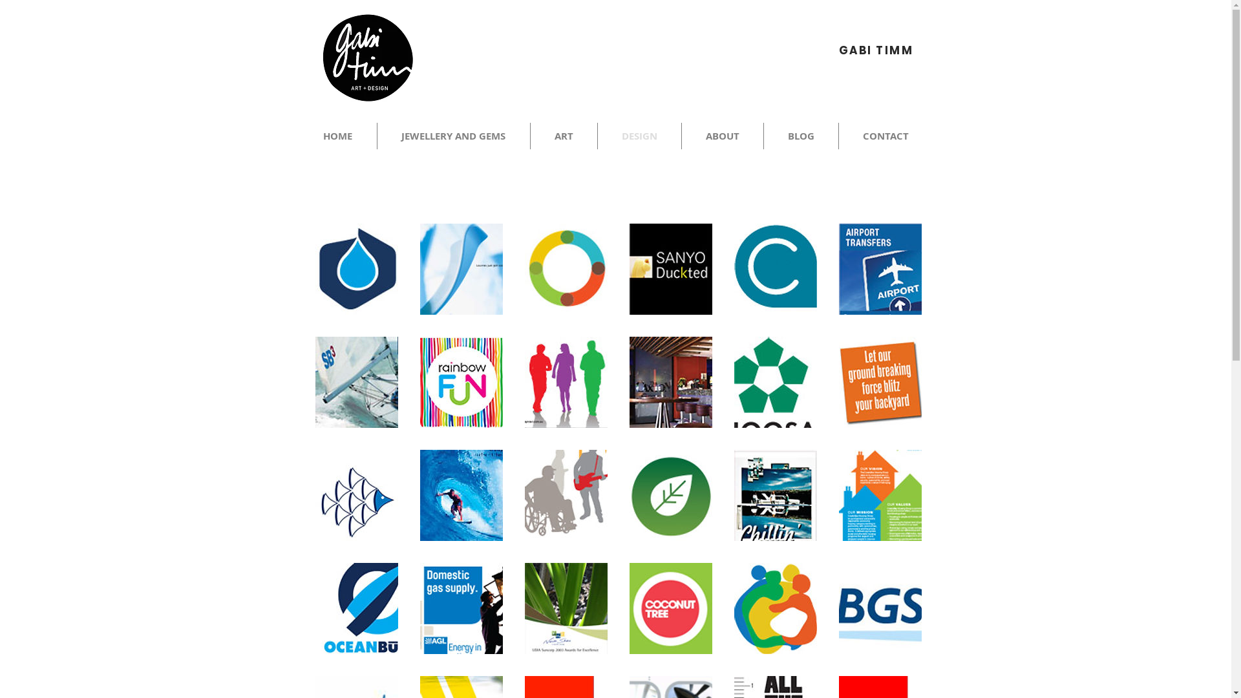 This screenshot has height=698, width=1241. I want to click on 'ART', so click(563, 136).